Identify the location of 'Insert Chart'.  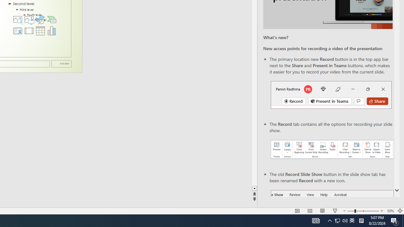
(52, 31).